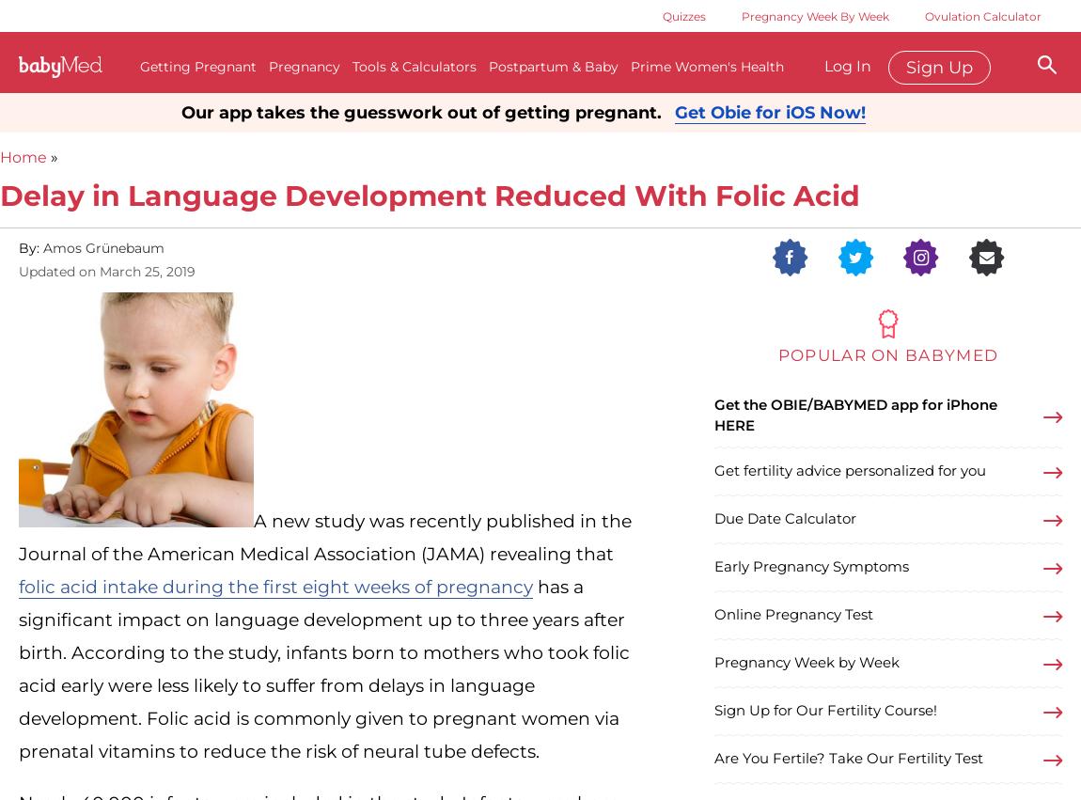 This screenshot has height=800, width=1081. What do you see at coordinates (705, 66) in the screenshot?
I see `'Prime Women's Health'` at bounding box center [705, 66].